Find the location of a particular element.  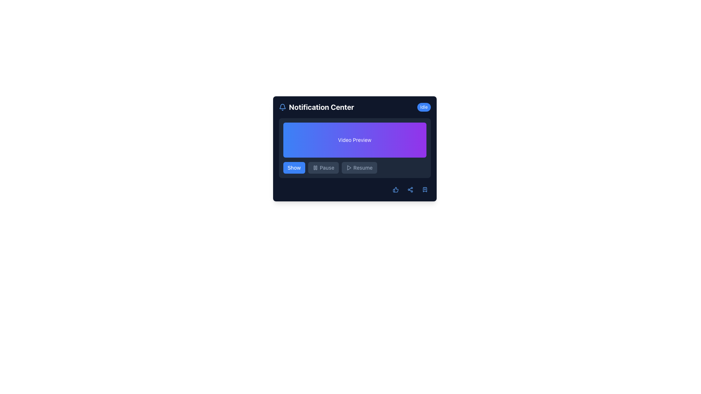

the status indicator displaying 'Idle' in the top-right corner next to the 'Notification Center' title is located at coordinates (424, 107).